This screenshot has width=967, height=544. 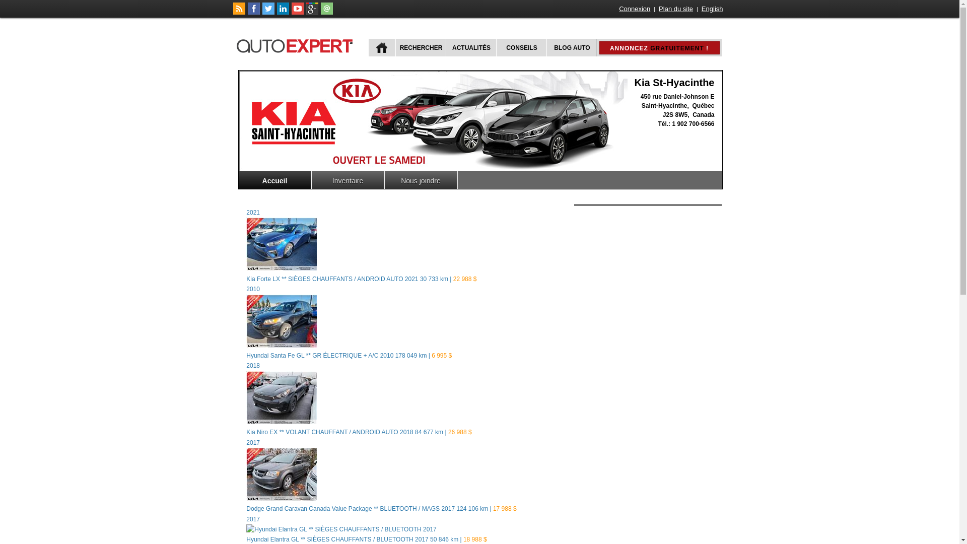 What do you see at coordinates (381, 47) in the screenshot?
I see `'ACCUEIL'` at bounding box center [381, 47].